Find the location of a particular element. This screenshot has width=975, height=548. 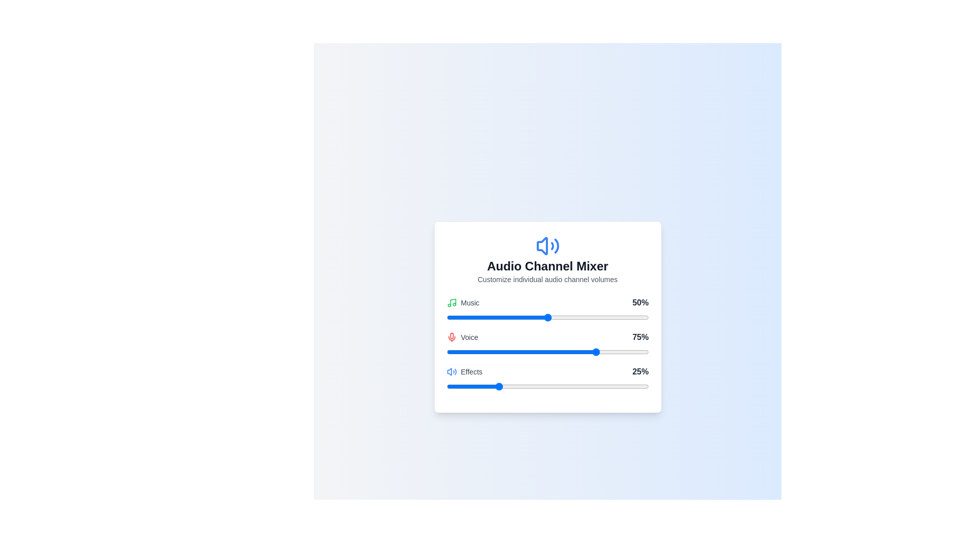

the Heading or Title Text located at the top center of the card, which provides a clear description of the content and functionality within the card is located at coordinates (547, 265).